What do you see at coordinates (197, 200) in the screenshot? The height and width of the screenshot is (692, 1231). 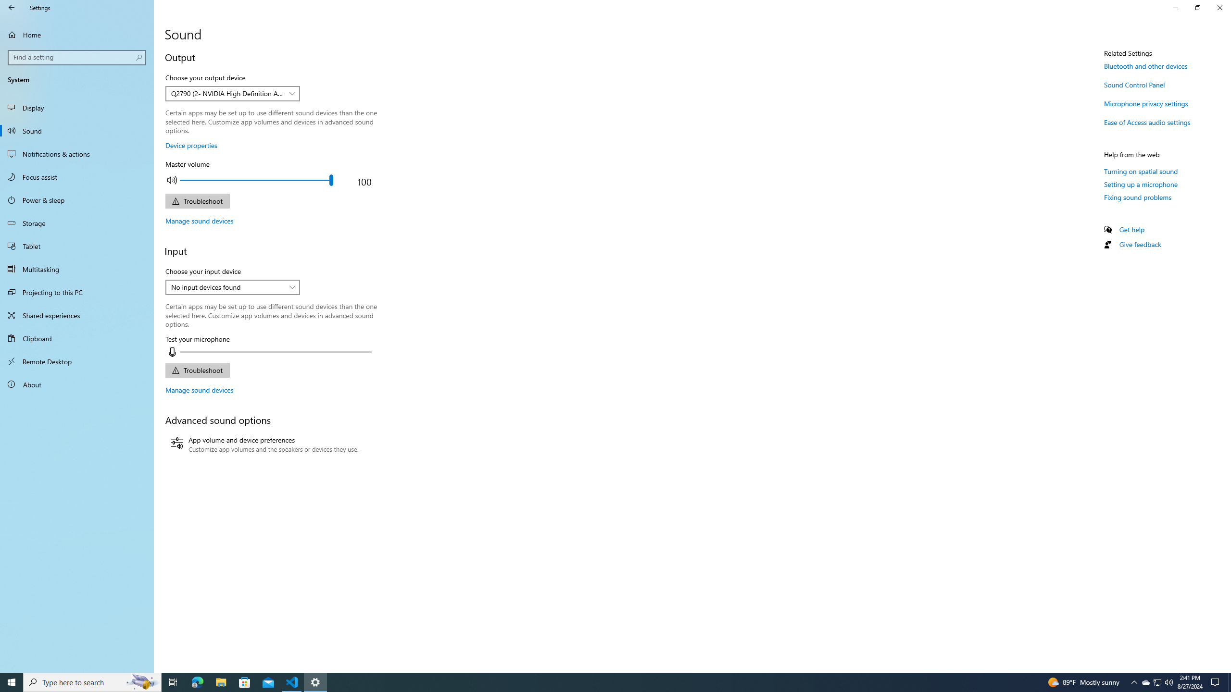 I see `'Output device troubleshoot'` at bounding box center [197, 200].